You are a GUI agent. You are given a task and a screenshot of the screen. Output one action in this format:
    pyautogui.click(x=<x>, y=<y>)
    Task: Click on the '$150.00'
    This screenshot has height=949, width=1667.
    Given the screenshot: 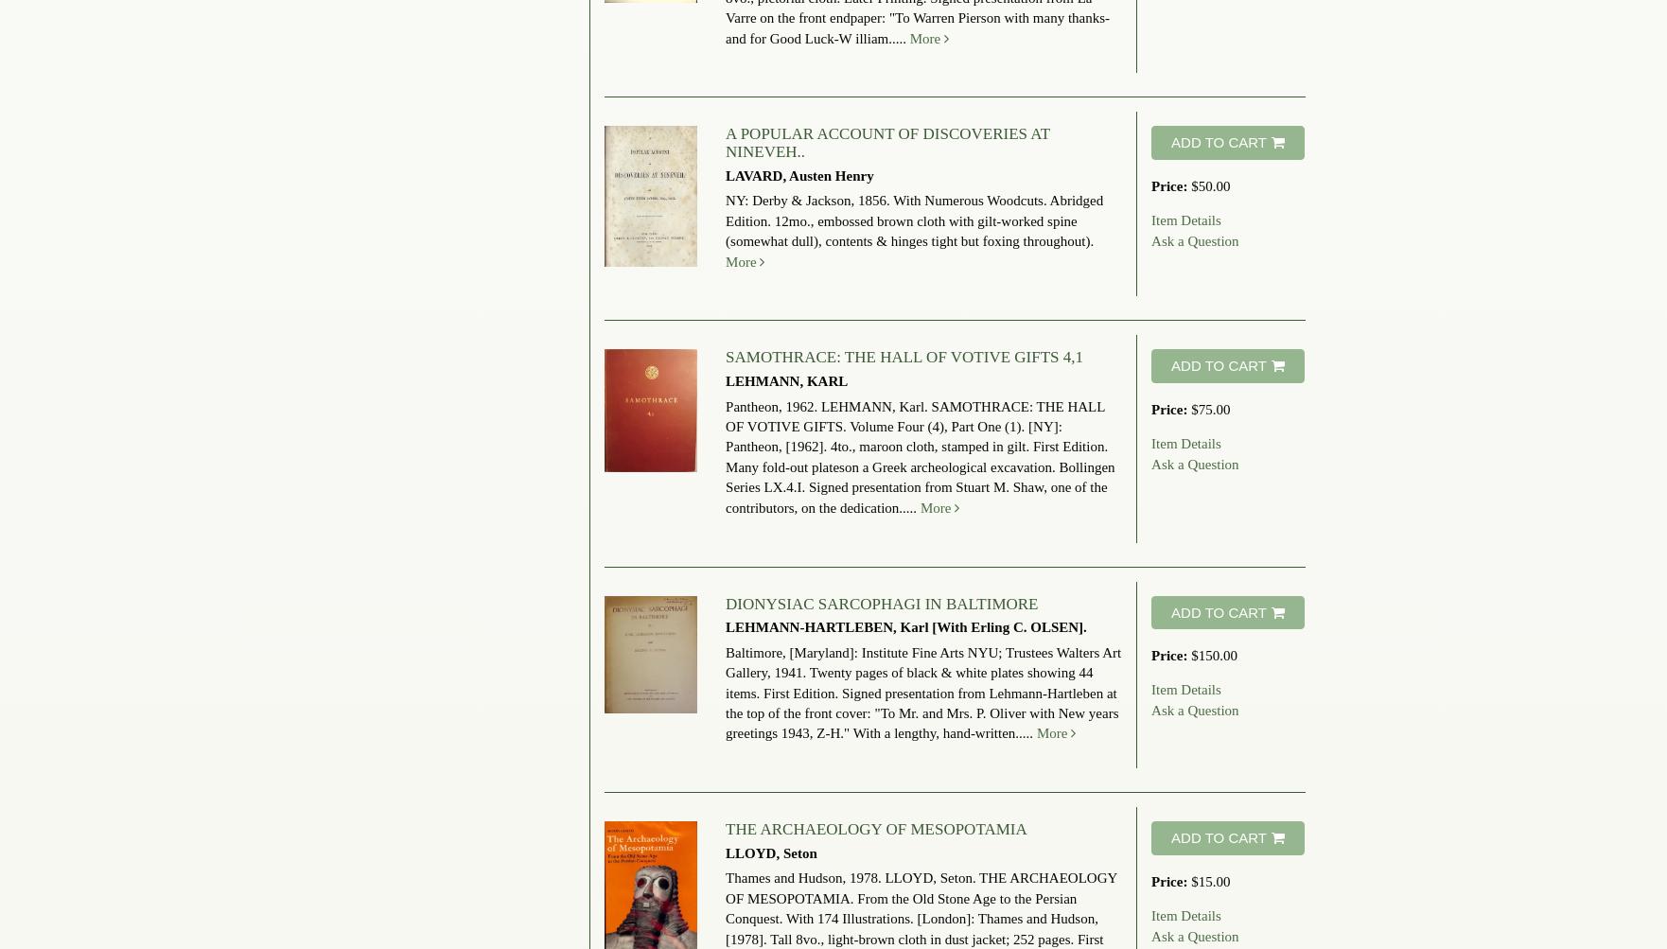 What is the action you would take?
    pyautogui.click(x=1213, y=654)
    